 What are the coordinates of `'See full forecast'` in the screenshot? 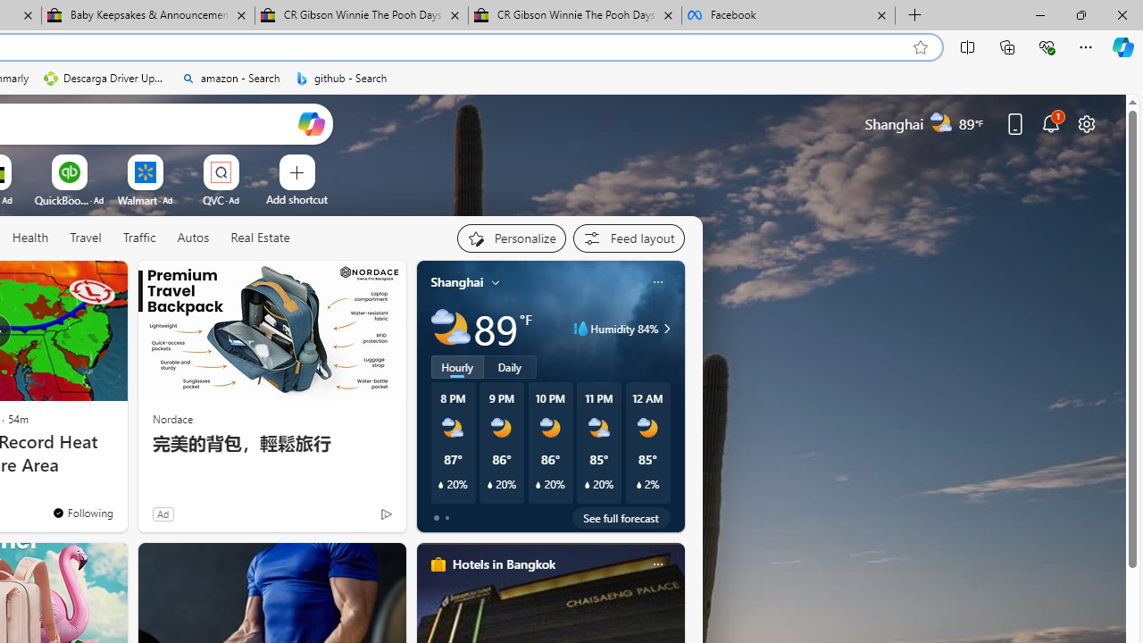 It's located at (621, 517).